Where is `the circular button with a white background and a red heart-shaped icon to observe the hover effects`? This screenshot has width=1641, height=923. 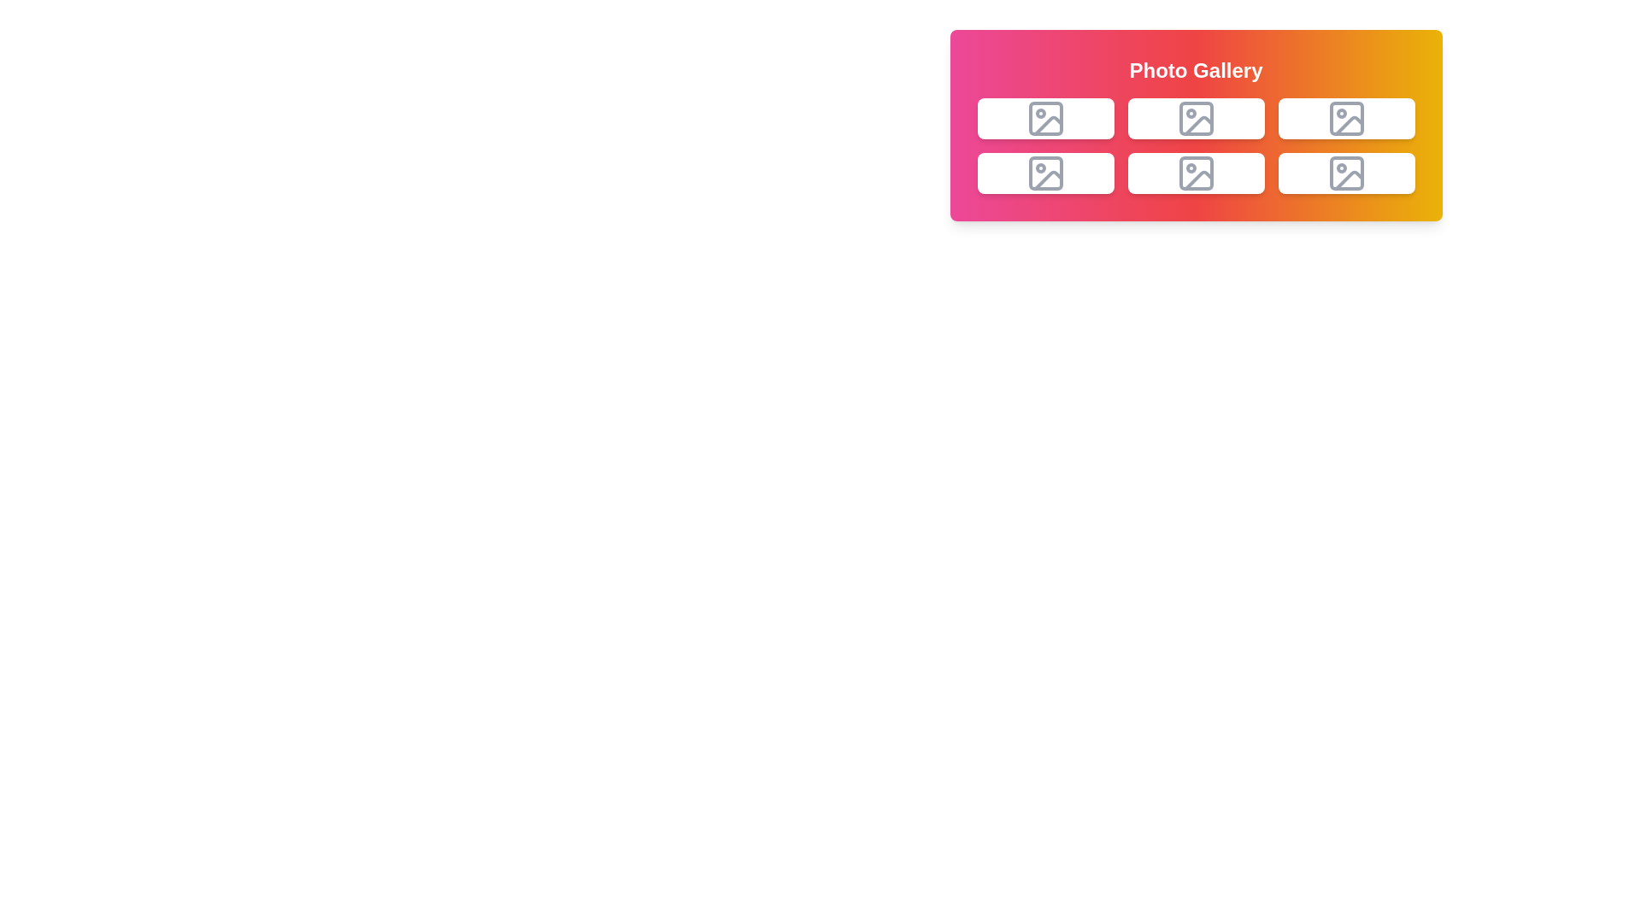 the circular button with a white background and a red heart-shaped icon to observe the hover effects is located at coordinates (1217, 117).